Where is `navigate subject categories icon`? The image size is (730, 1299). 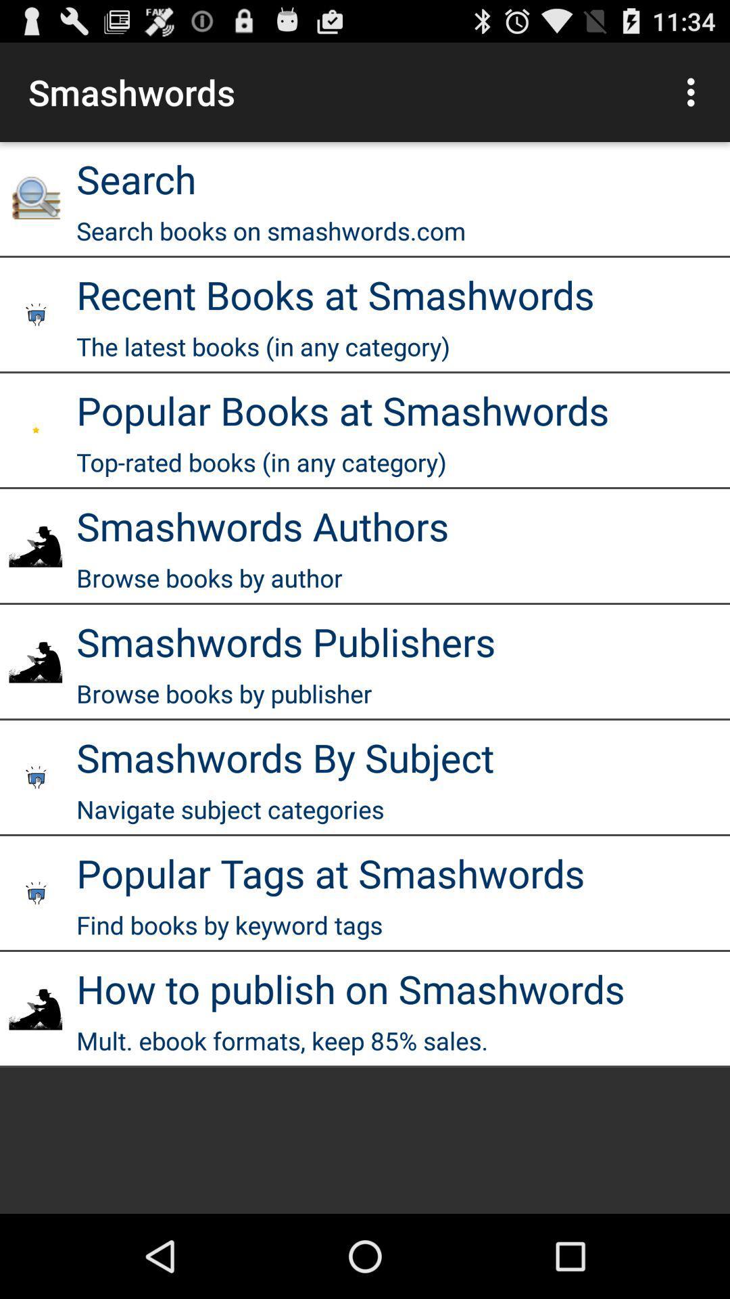
navigate subject categories icon is located at coordinates (229, 809).